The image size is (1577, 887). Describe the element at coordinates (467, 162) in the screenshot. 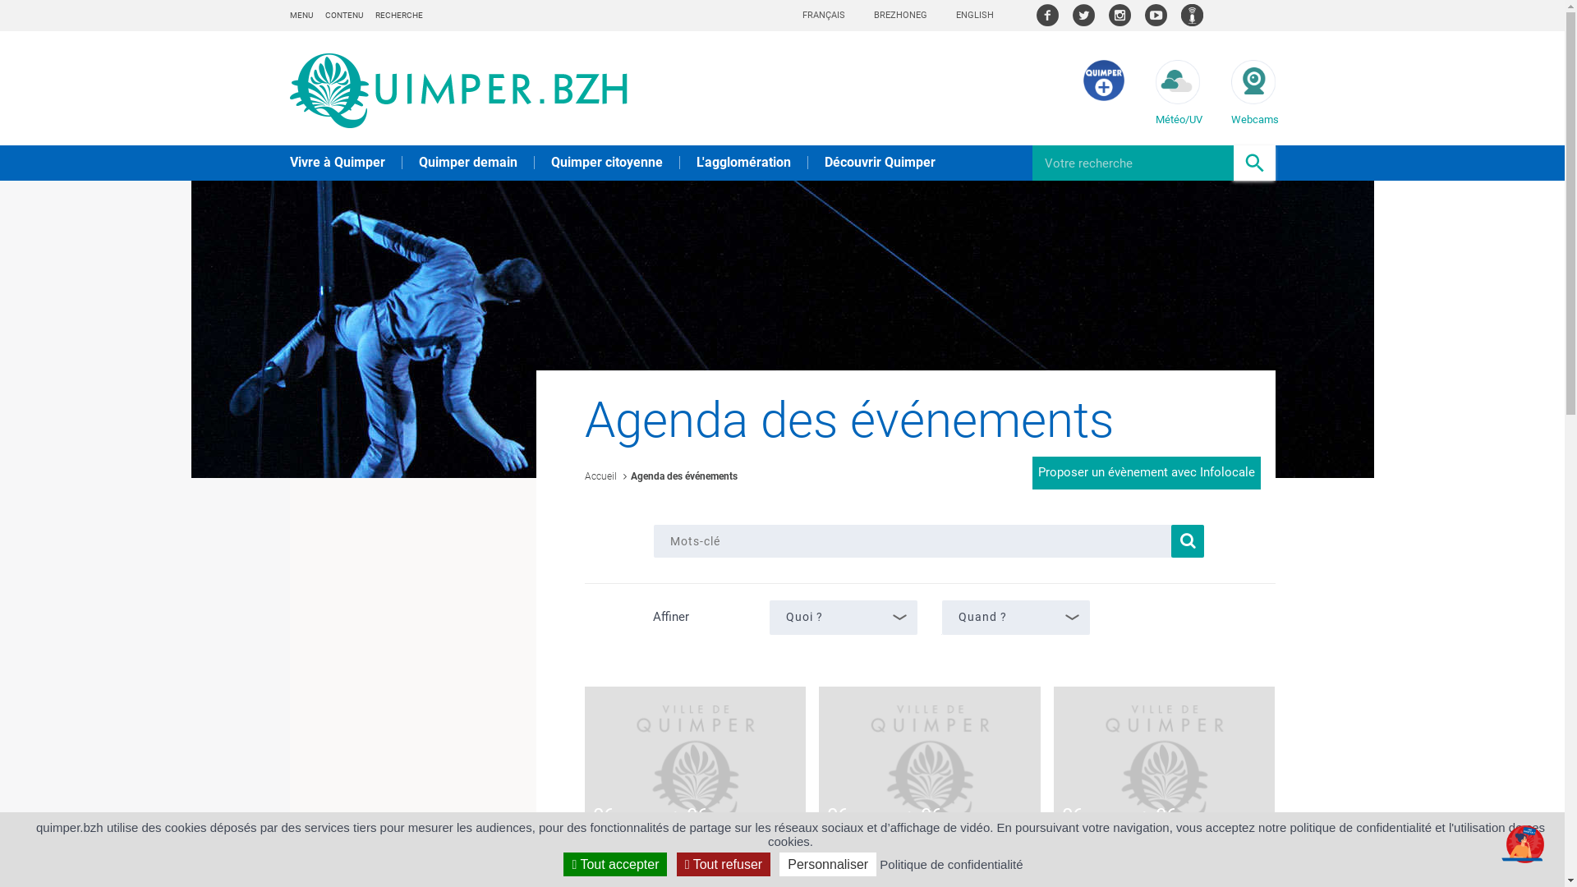

I see `'Quimper demain'` at that location.